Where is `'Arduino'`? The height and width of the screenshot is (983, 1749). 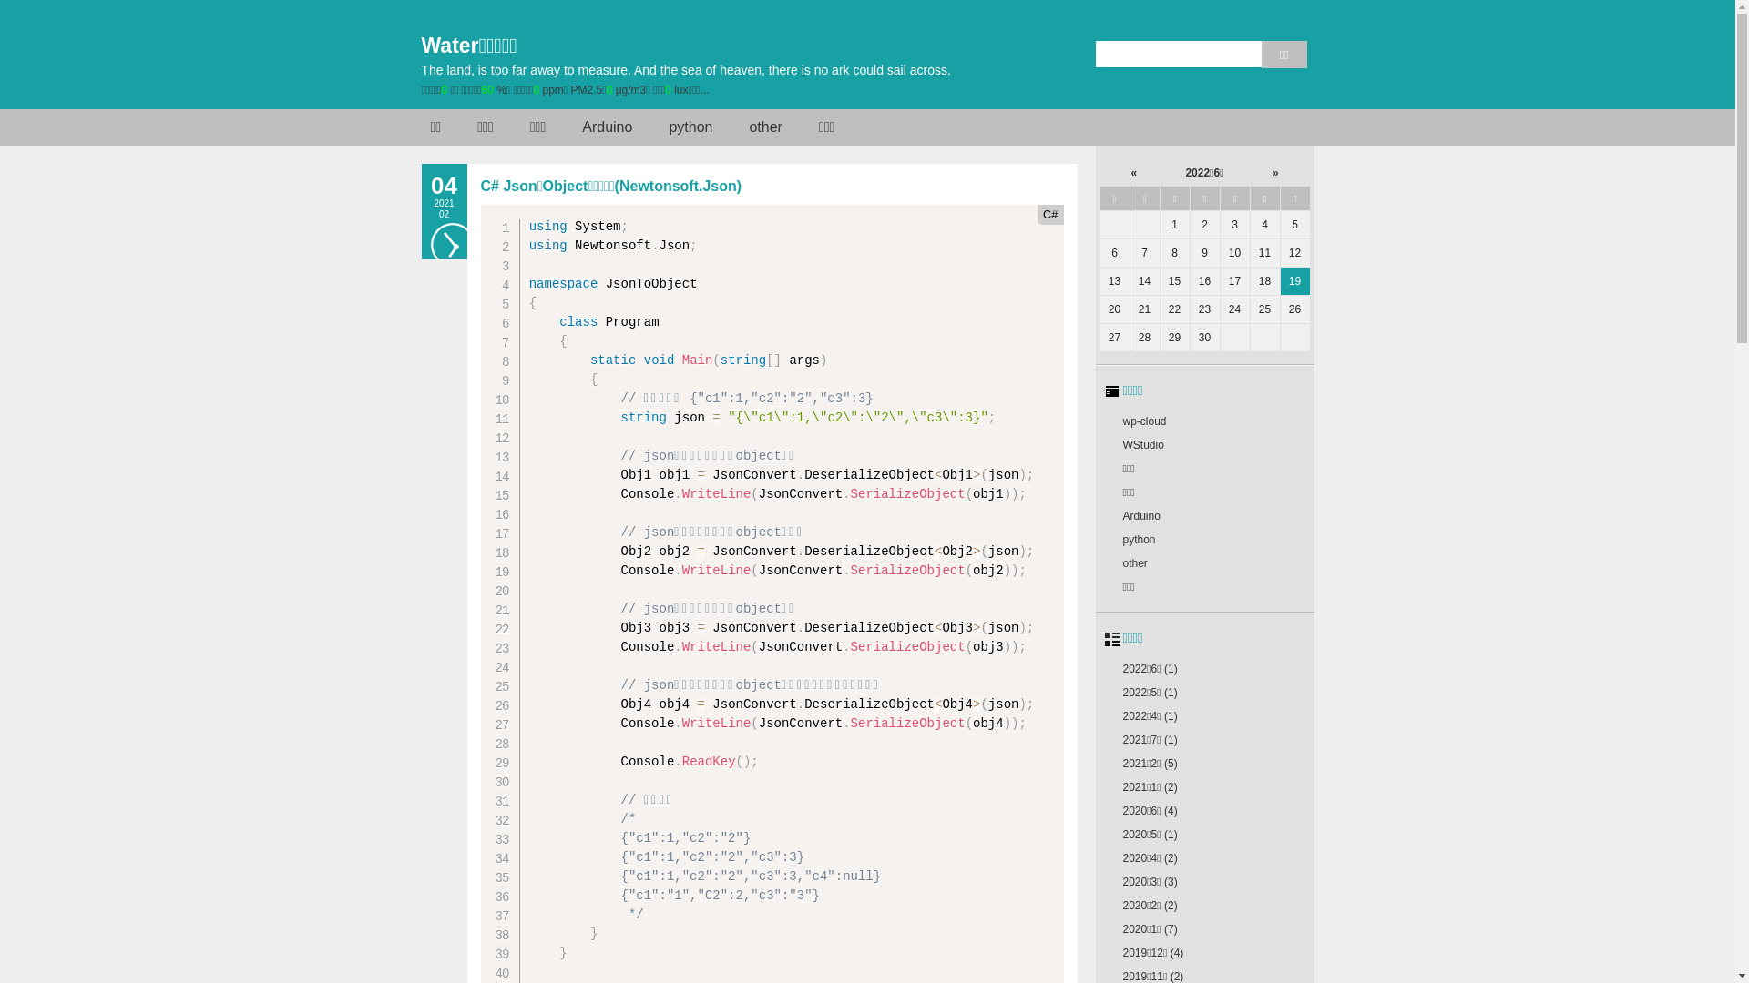
'Arduino' is located at coordinates (1140, 516).